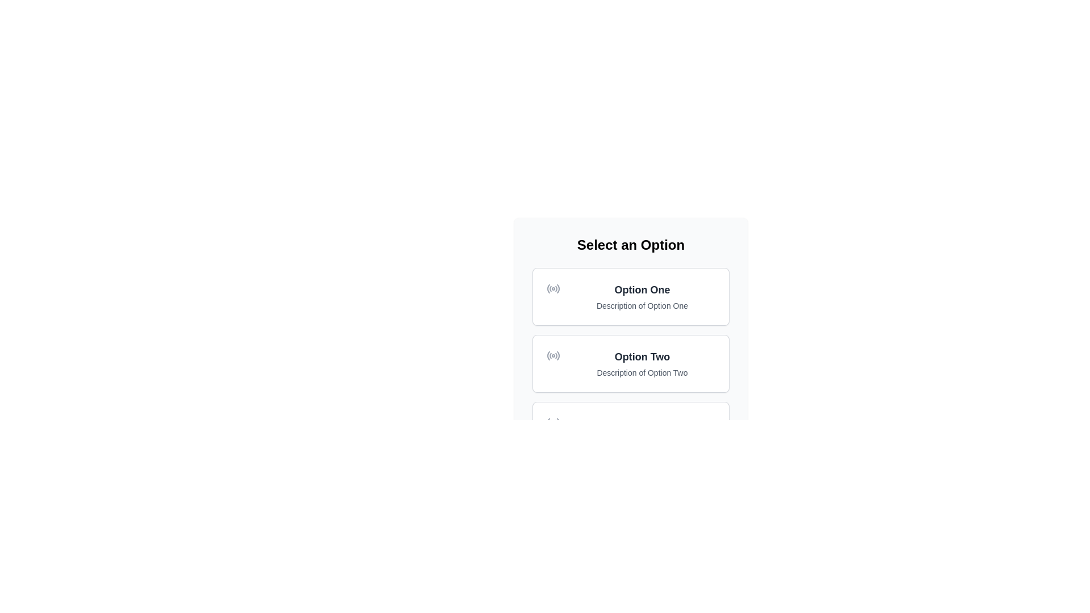 Image resolution: width=1090 pixels, height=613 pixels. Describe the element at coordinates (553, 288) in the screenshot. I see `the circular radio wave icon located to the left of the text 'Option One' in the 'Select an Option' interface` at that location.